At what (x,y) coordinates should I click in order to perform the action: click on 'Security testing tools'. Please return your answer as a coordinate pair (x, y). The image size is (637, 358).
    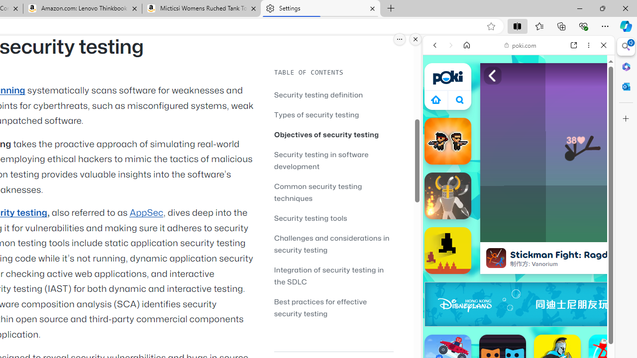
    Looking at the image, I should click on (310, 217).